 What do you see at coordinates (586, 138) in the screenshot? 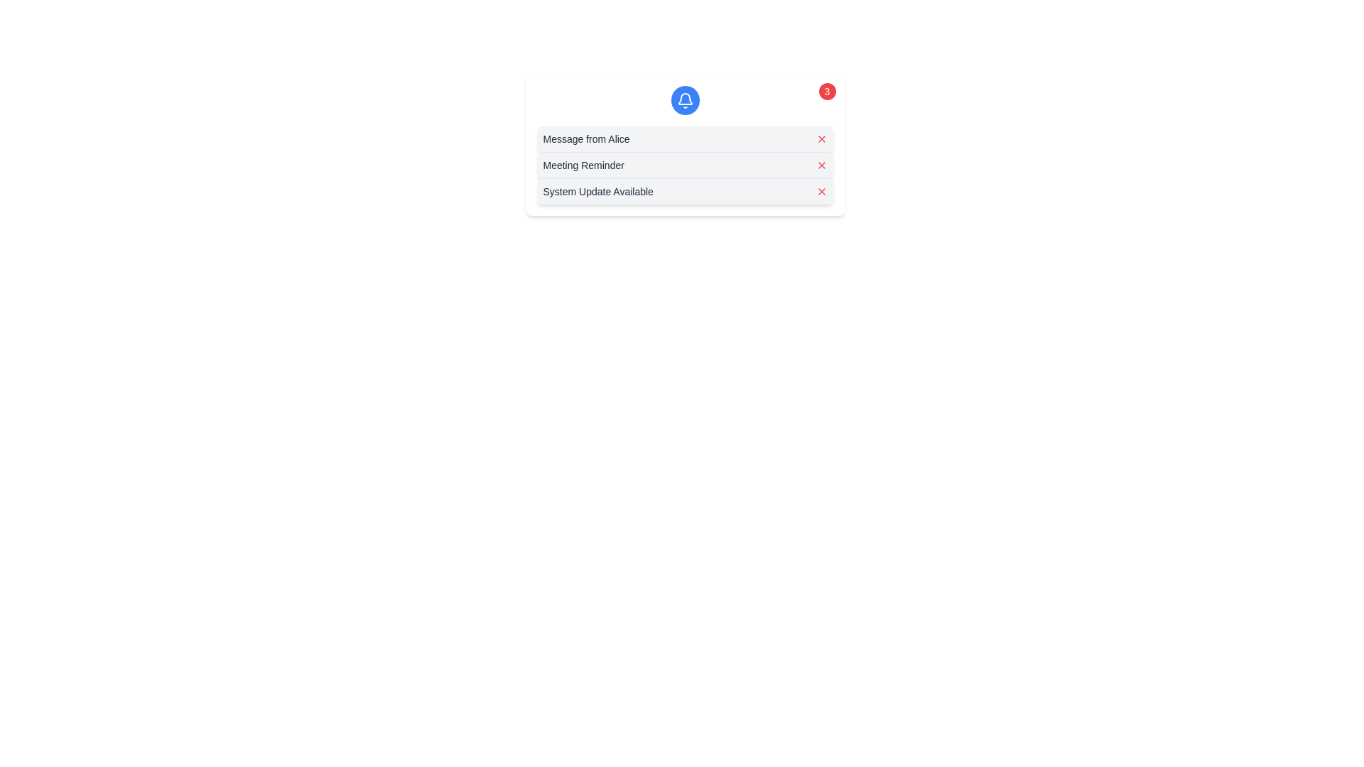
I see `the Text Label that serves as the title of the notification entry, located at the top of the list of notifications` at bounding box center [586, 138].